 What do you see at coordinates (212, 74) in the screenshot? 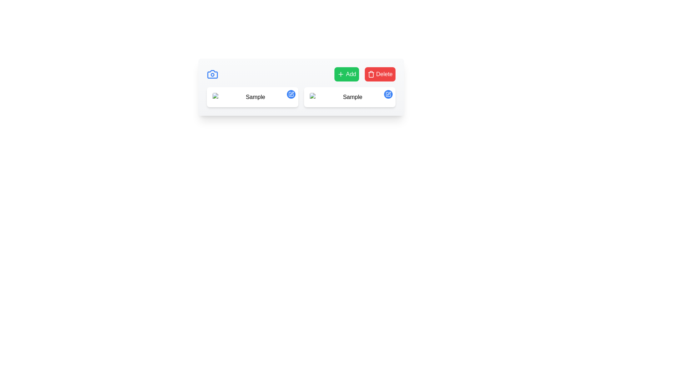
I see `the camera icon button located at the top-left of the control bar, which features a minimalistic design with a blue color and rounded outline` at bounding box center [212, 74].